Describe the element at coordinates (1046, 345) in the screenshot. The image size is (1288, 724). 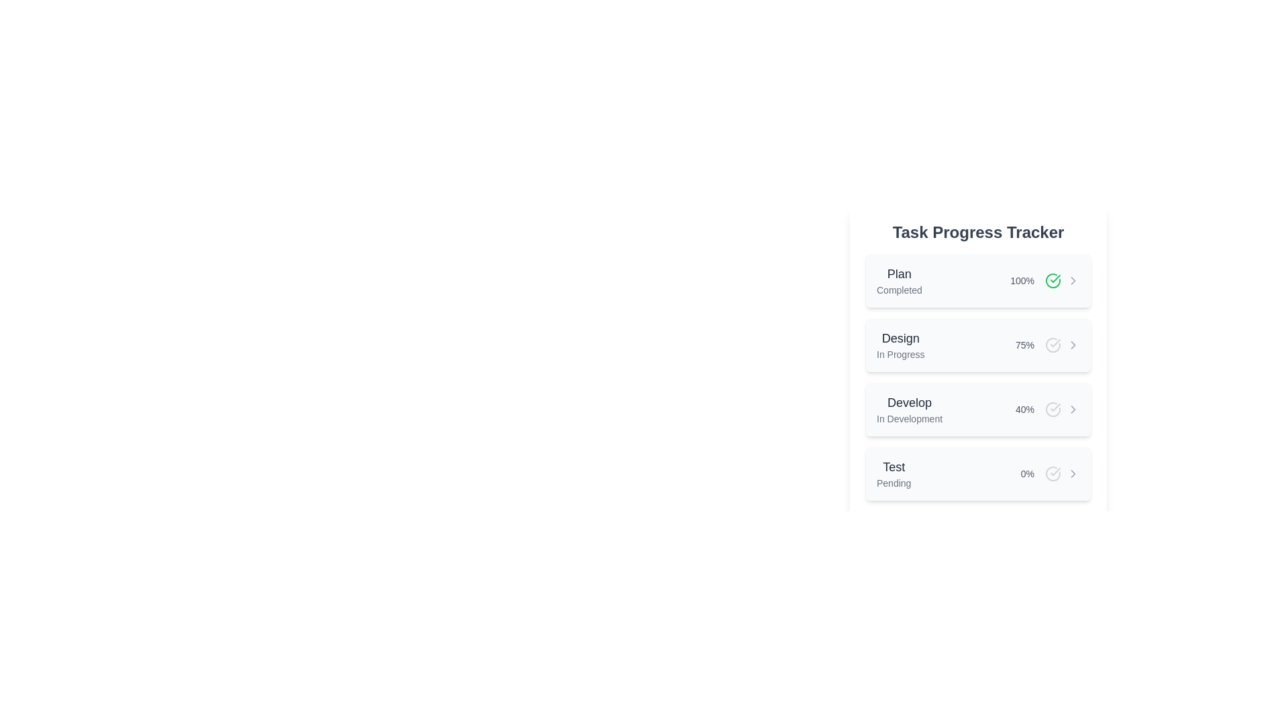
I see `the text element that indicates the progress percentage for the 'Design' task, located to the left of the checkmark and arrow icons in the right section of the 'Design' progress tracker card` at that location.